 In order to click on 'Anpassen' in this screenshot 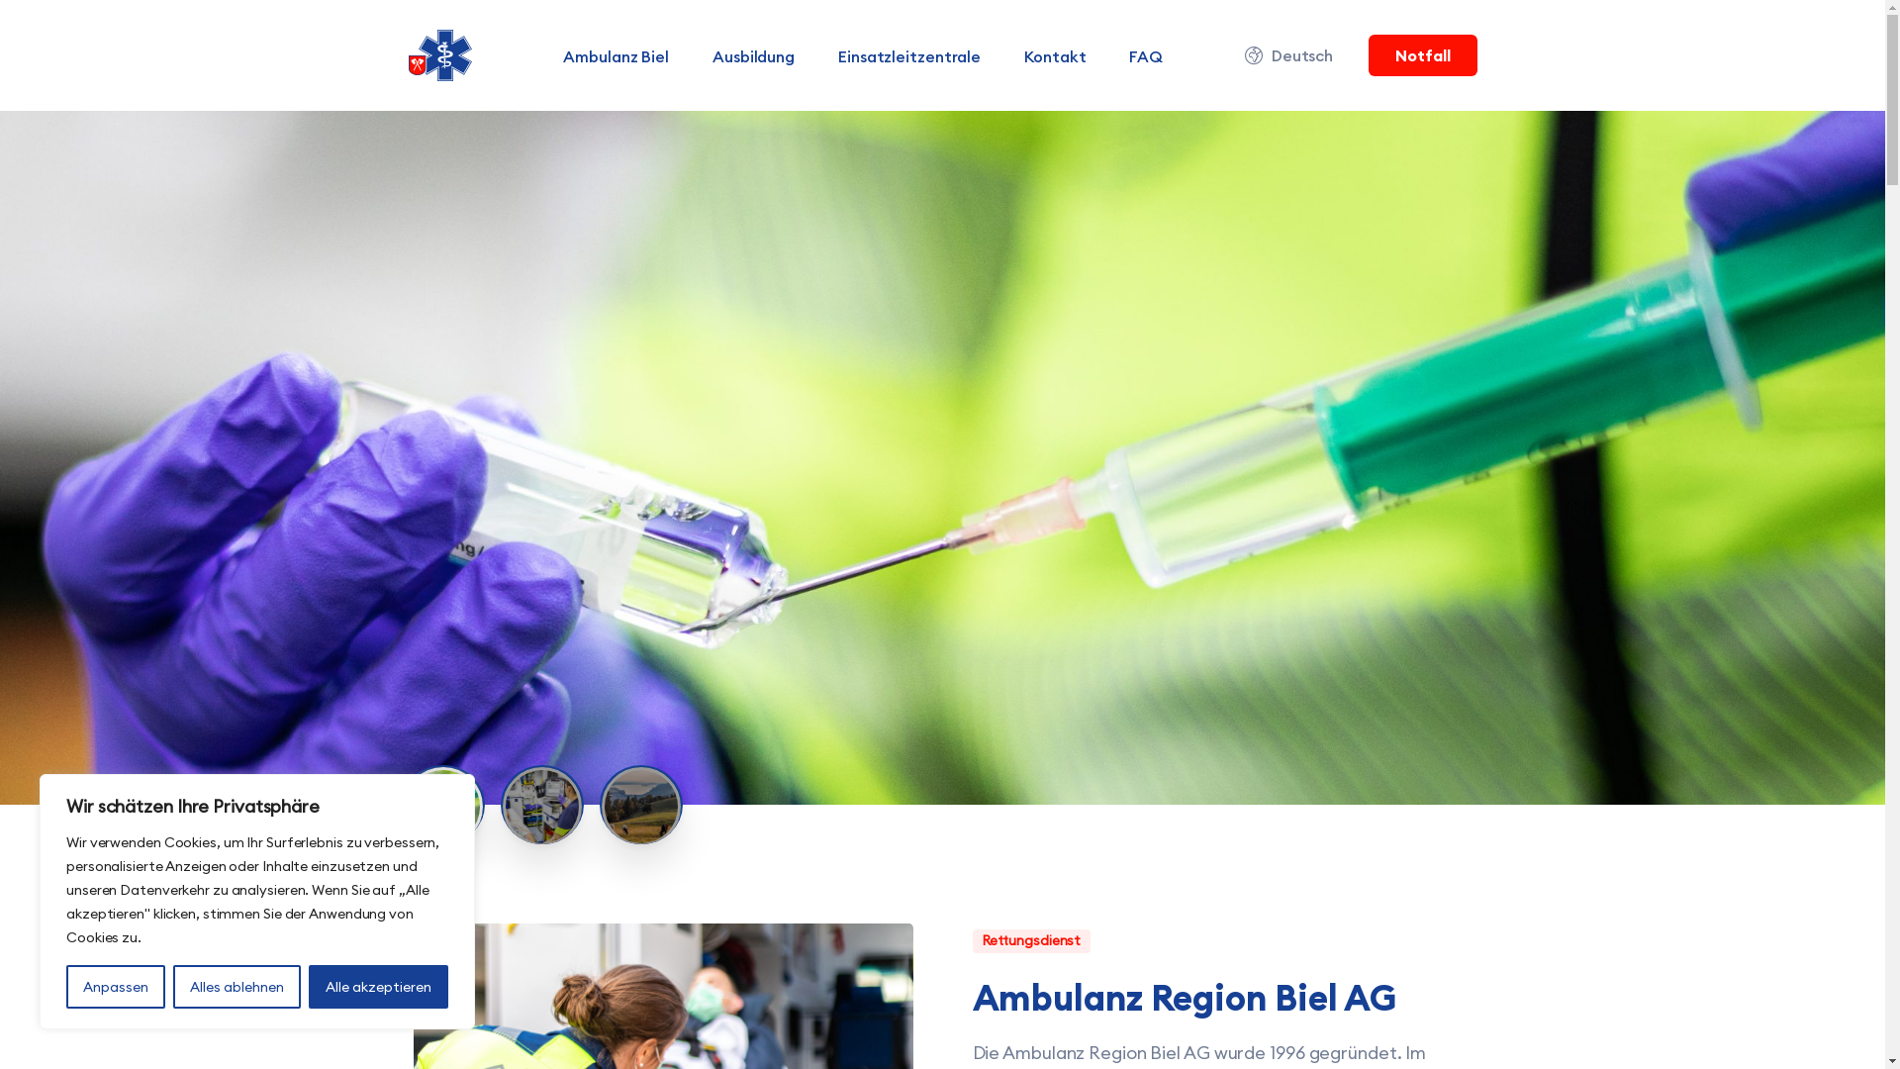, I will do `click(114, 986)`.